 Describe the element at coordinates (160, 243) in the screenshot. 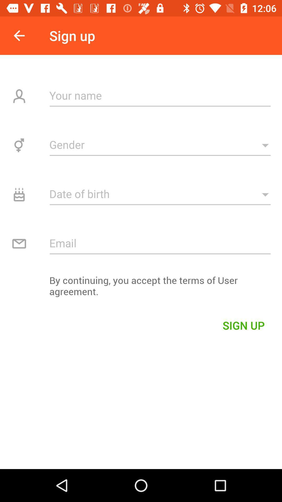

I see `input email address` at that location.